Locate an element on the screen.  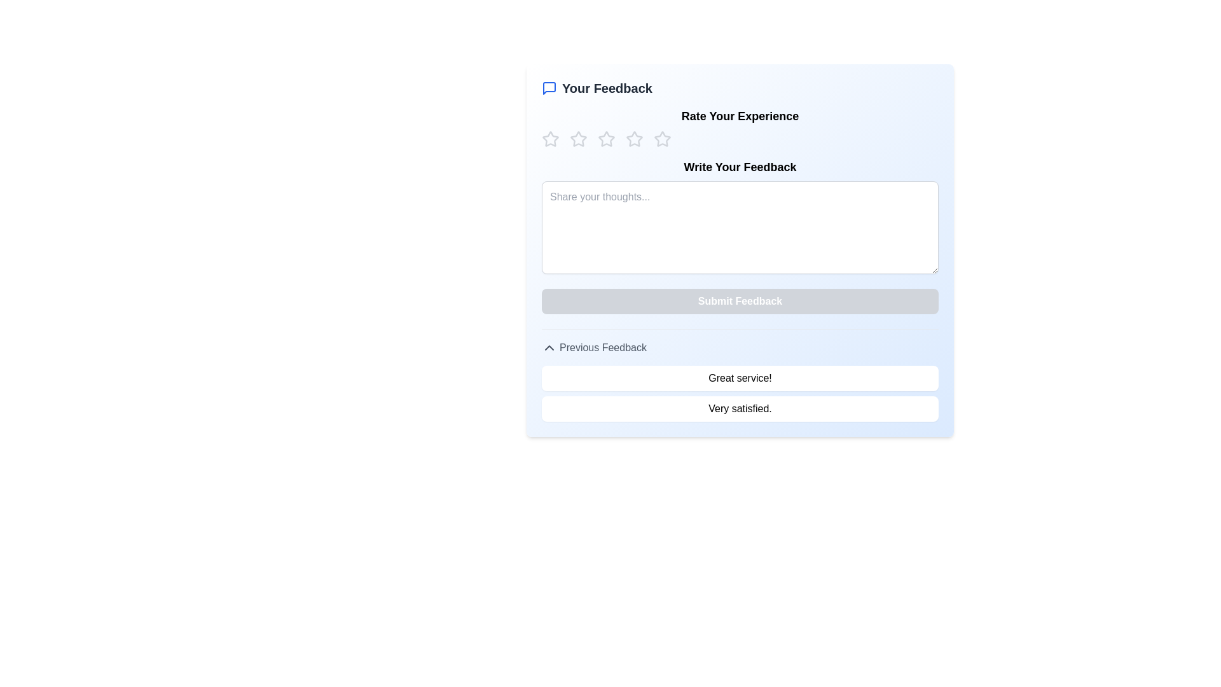
feedback icon located at the far left of the header section, which complements the text 'Your Feedback' is located at coordinates (549, 87).